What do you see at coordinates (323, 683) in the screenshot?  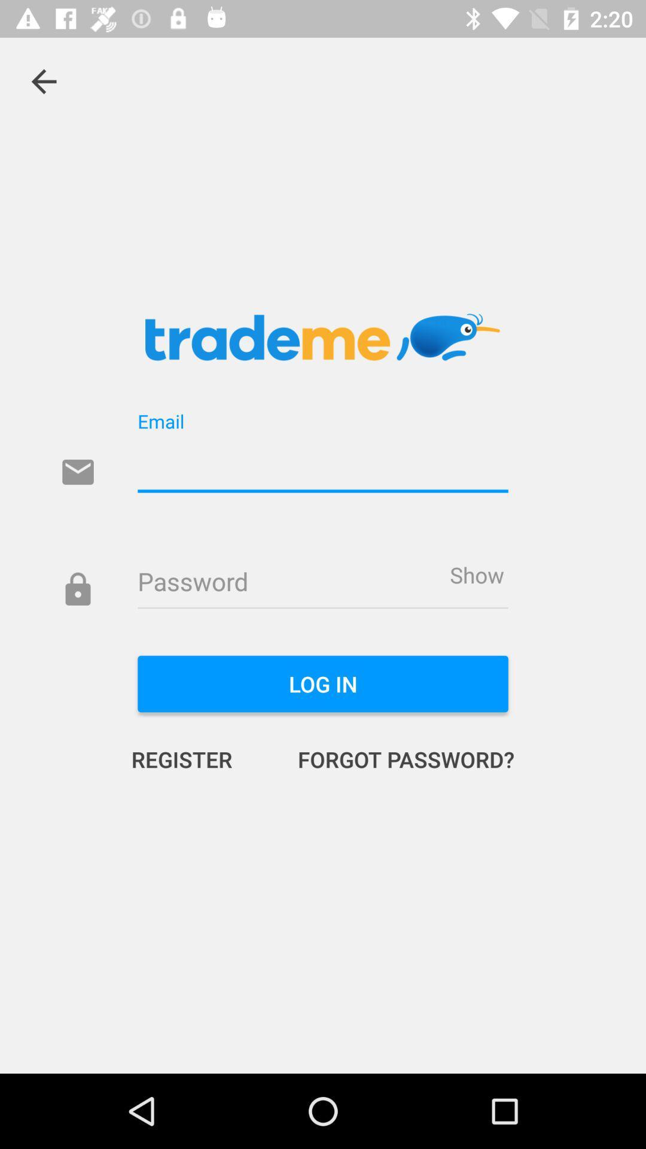 I see `log in icon` at bounding box center [323, 683].